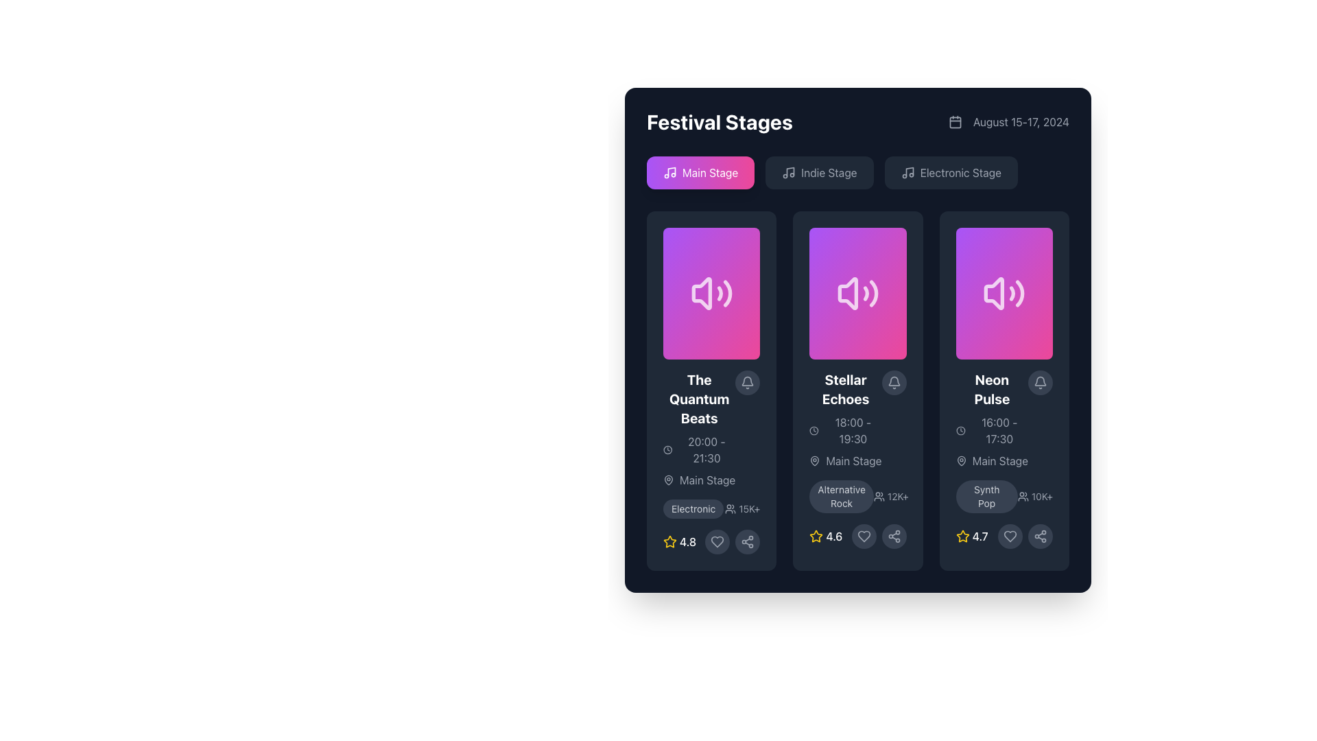  What do you see at coordinates (747, 541) in the screenshot?
I see `the circular share button with a dark gray background located at the lower-right side of the card for 'The Quantum Beats' to initiate sharing` at bounding box center [747, 541].